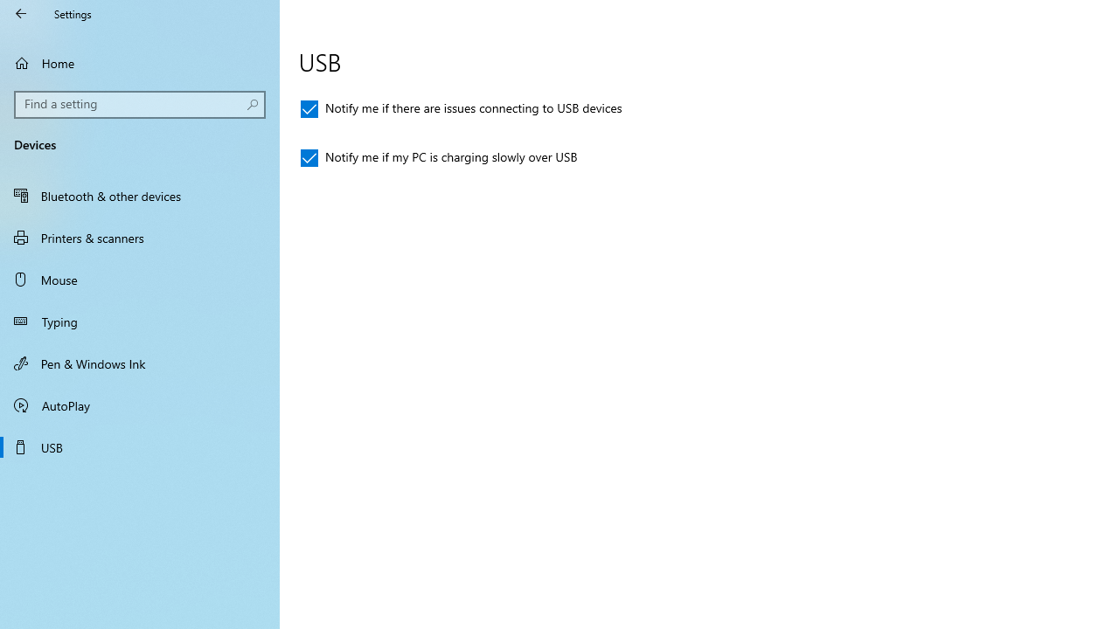 The image size is (1119, 629). I want to click on 'Search box, Find a setting', so click(140, 104).